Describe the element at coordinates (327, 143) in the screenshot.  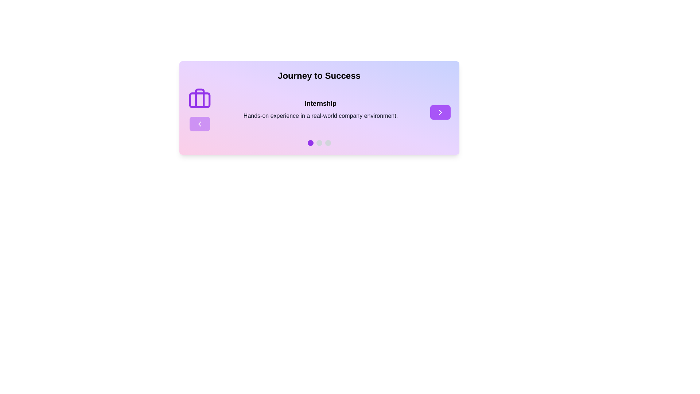
I see `the third circular navigation indicator` at that location.